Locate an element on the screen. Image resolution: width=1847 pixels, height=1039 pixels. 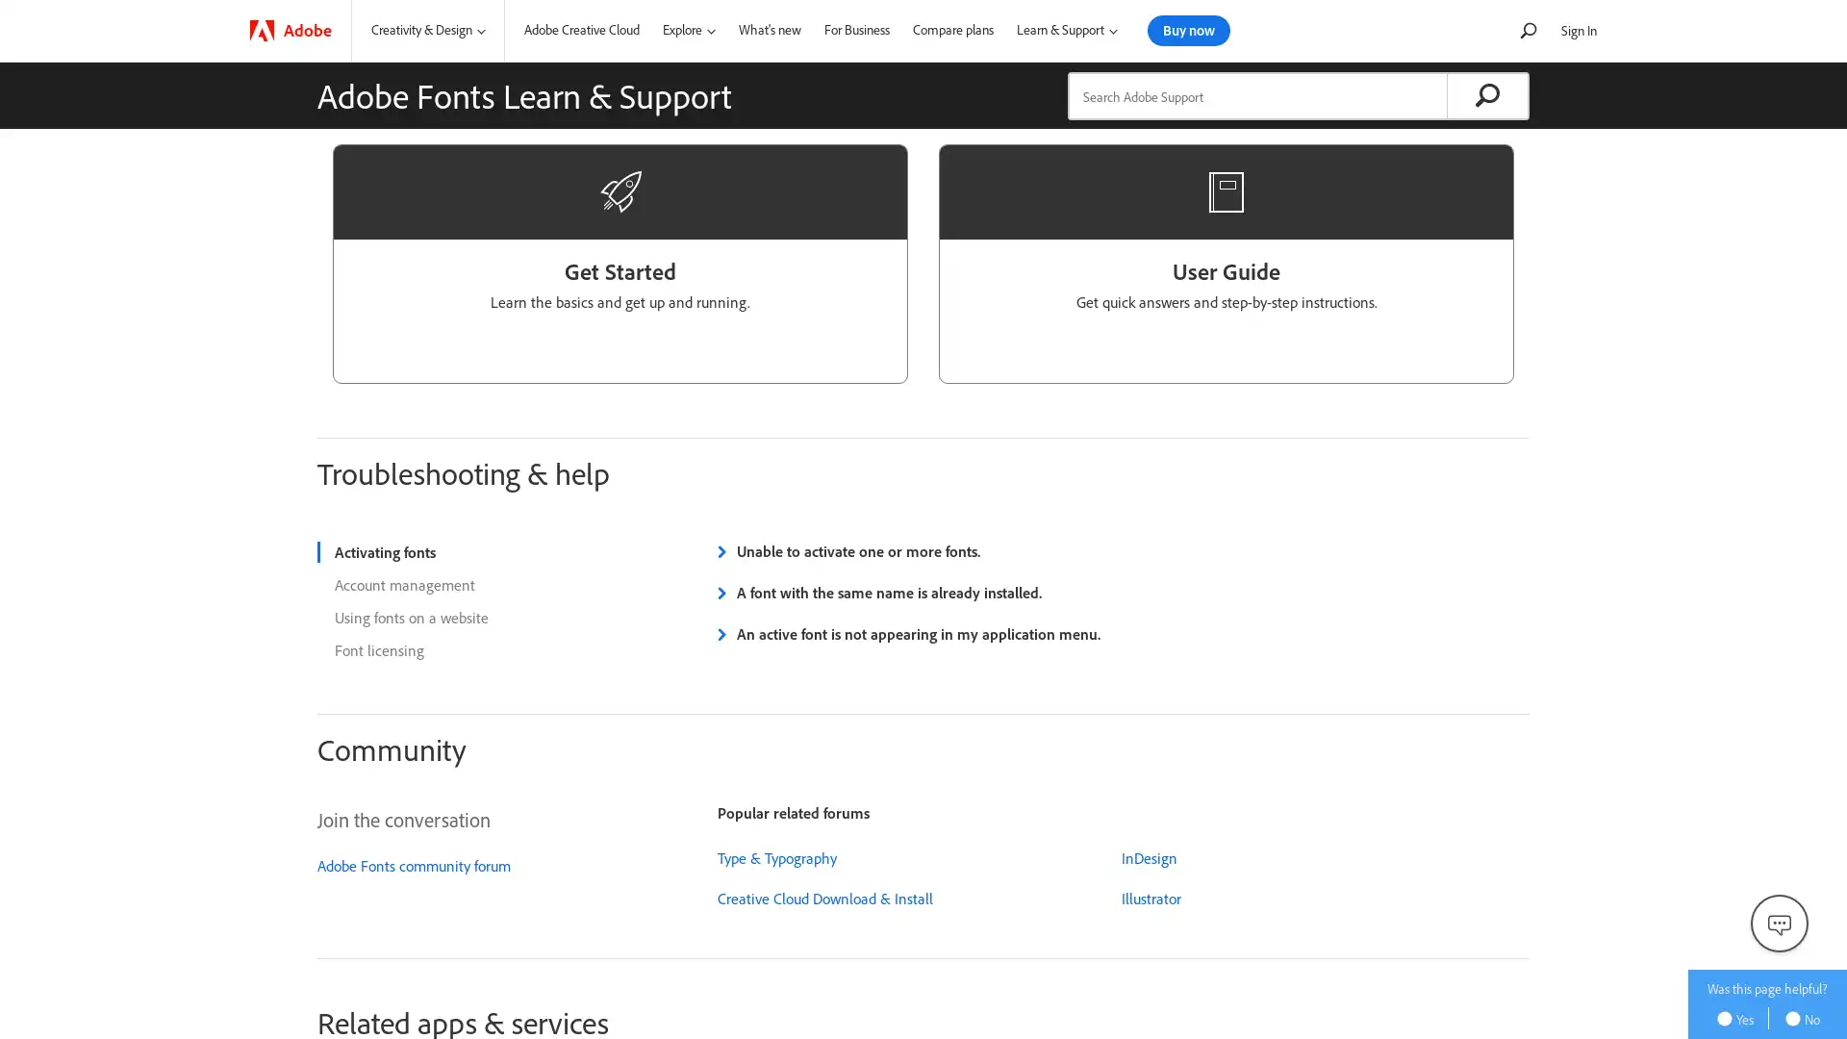
A font with the same name is already installed. is located at coordinates (876, 592).